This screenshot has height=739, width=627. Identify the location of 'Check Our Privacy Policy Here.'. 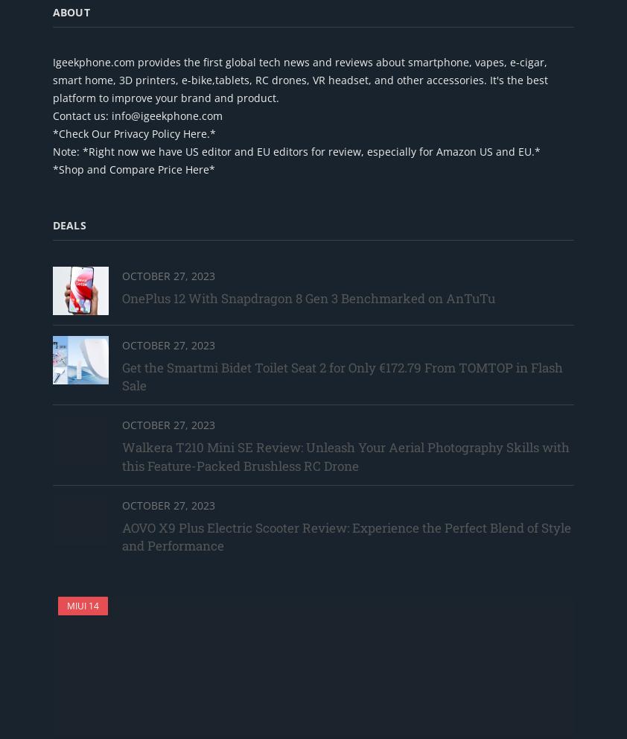
(133, 132).